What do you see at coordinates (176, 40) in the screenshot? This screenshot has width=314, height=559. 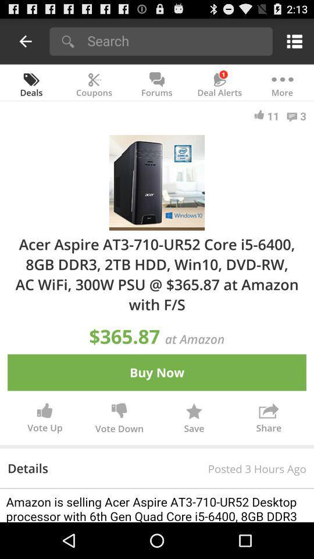 I see `active search bar` at bounding box center [176, 40].